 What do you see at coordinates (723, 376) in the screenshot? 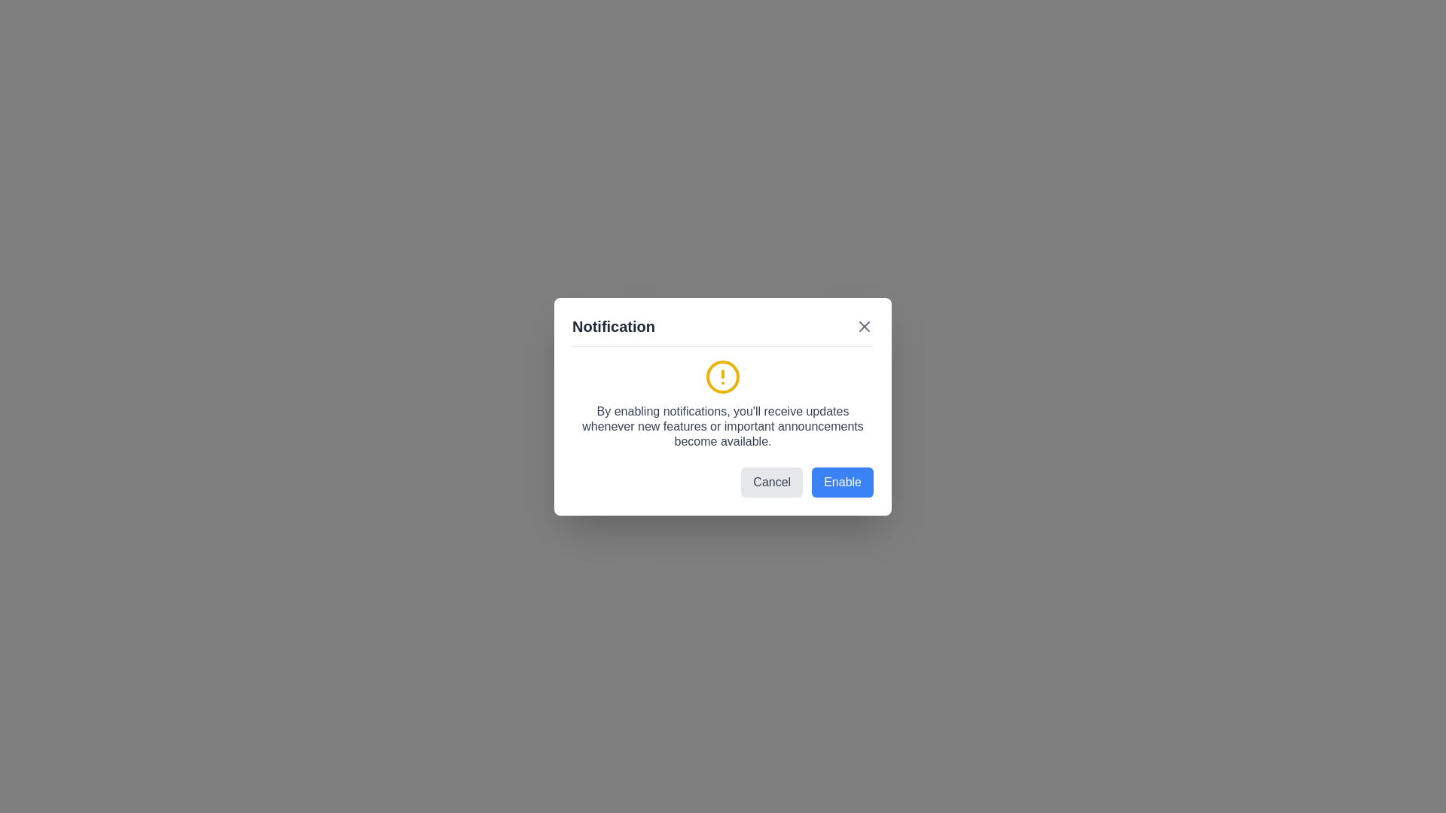
I see `the notification icon to emphasize it` at bounding box center [723, 376].